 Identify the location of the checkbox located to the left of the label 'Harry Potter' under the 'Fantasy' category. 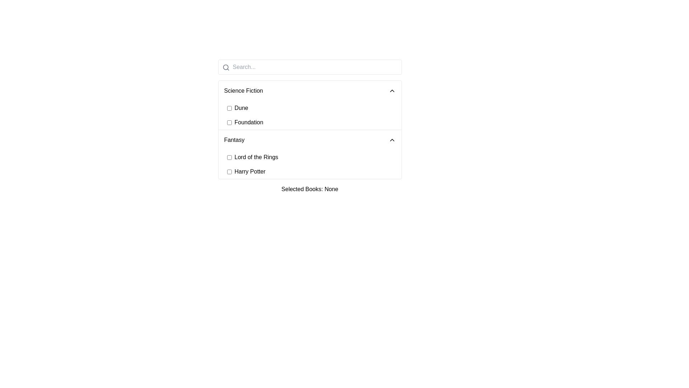
(229, 172).